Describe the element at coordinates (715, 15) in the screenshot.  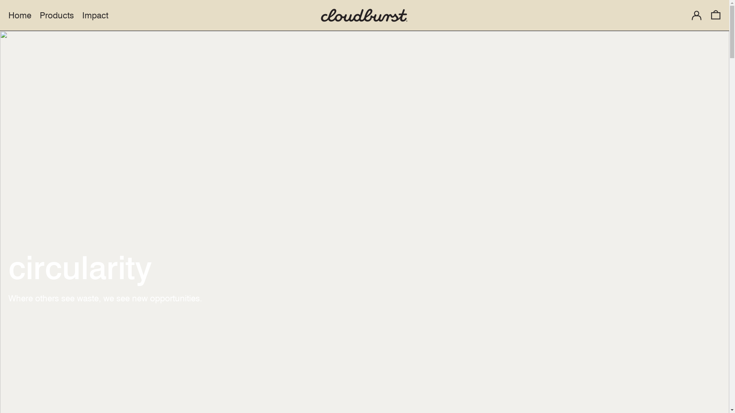
I see `'0 items'` at that location.